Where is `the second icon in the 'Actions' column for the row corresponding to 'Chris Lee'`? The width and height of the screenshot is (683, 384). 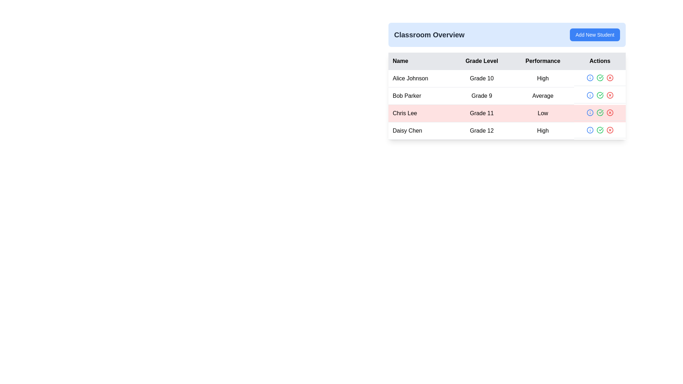
the second icon in the 'Actions' column for the row corresponding to 'Chris Lee' is located at coordinates (599, 112).